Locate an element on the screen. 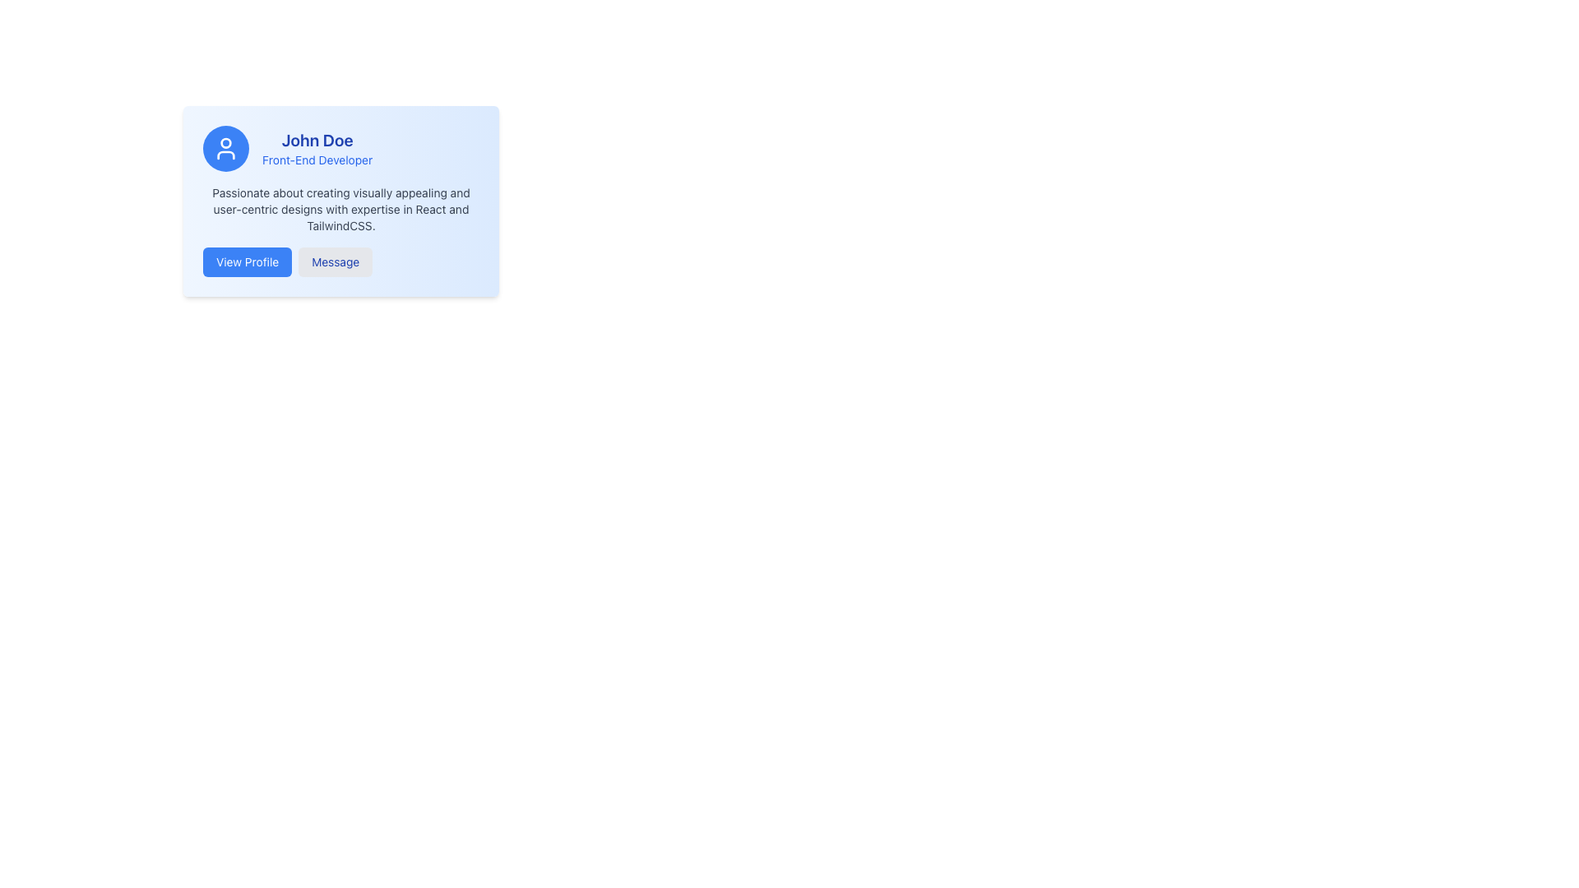 This screenshot has height=888, width=1579. the static text element displaying 'Front-End Developer', which is styled in smaller blue font and positioned below the larger text 'John Doe' on the profile card is located at coordinates (317, 160).